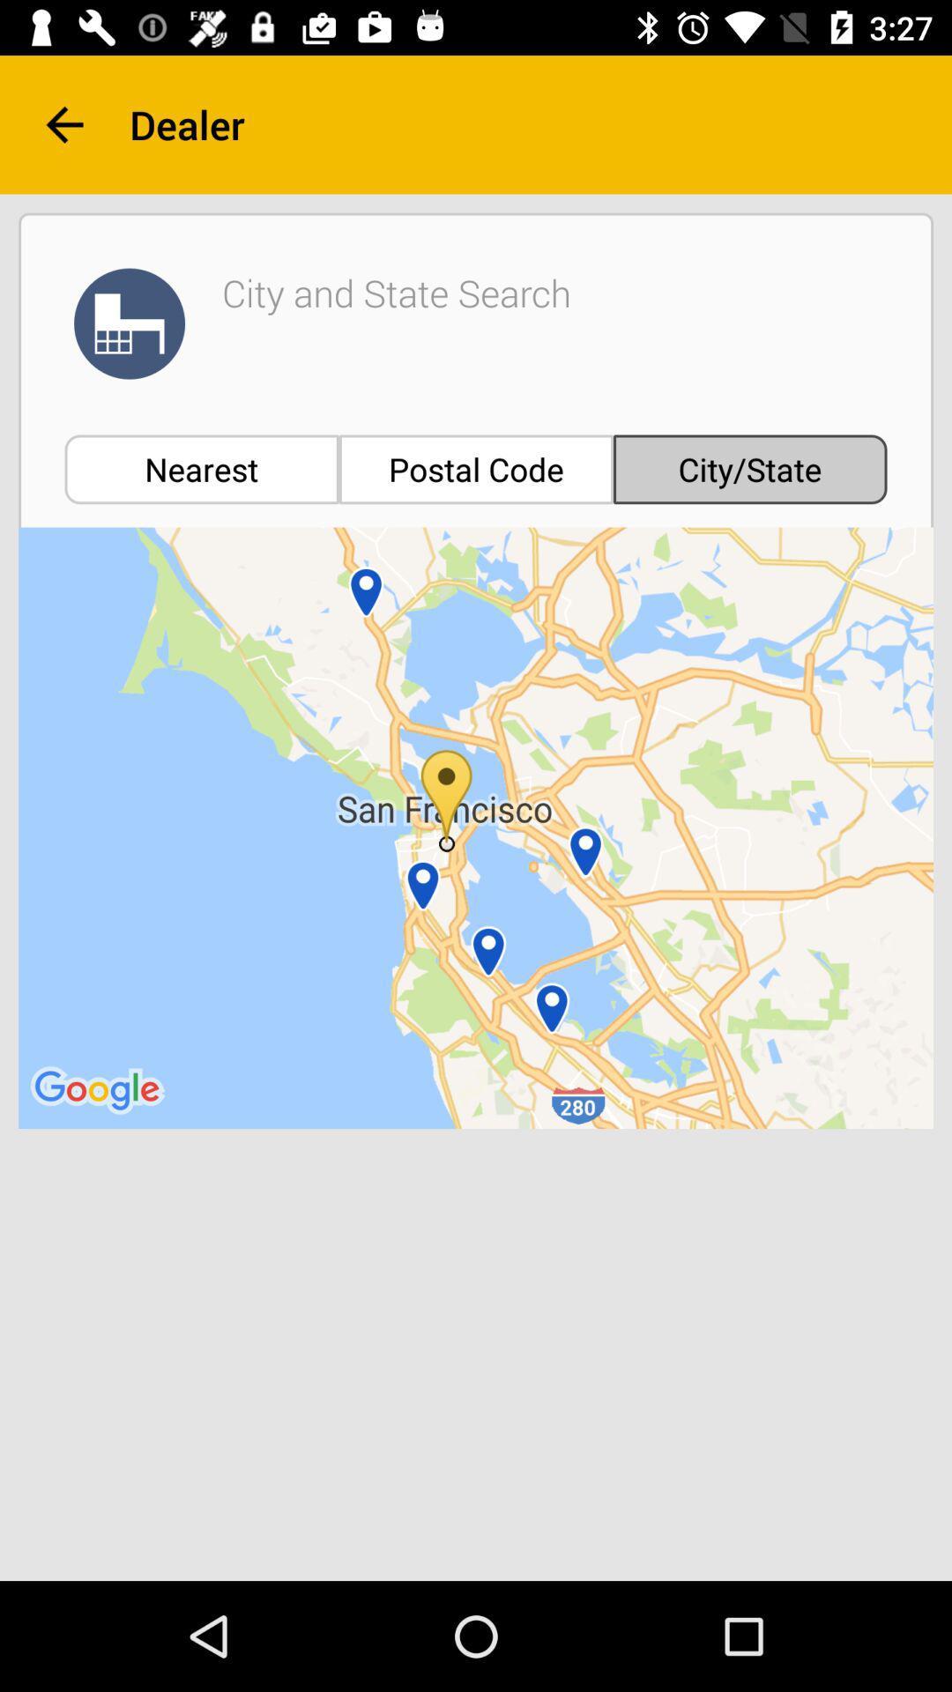 The image size is (952, 1692). What do you see at coordinates (201, 469) in the screenshot?
I see `the item next to the postal code icon` at bounding box center [201, 469].